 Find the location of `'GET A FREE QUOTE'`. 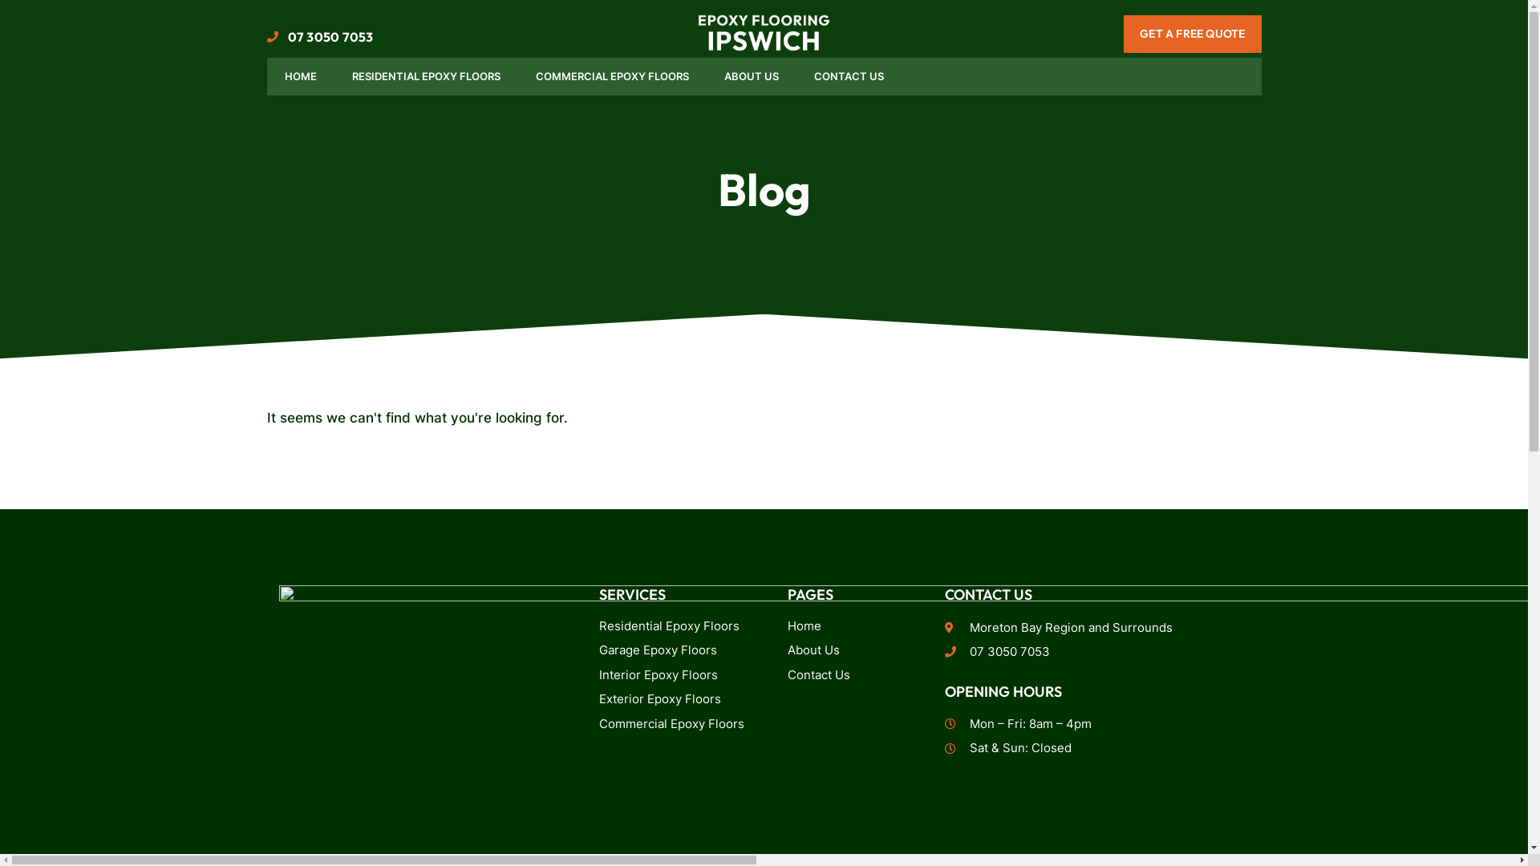

'GET A FREE QUOTE' is located at coordinates (1192, 34).